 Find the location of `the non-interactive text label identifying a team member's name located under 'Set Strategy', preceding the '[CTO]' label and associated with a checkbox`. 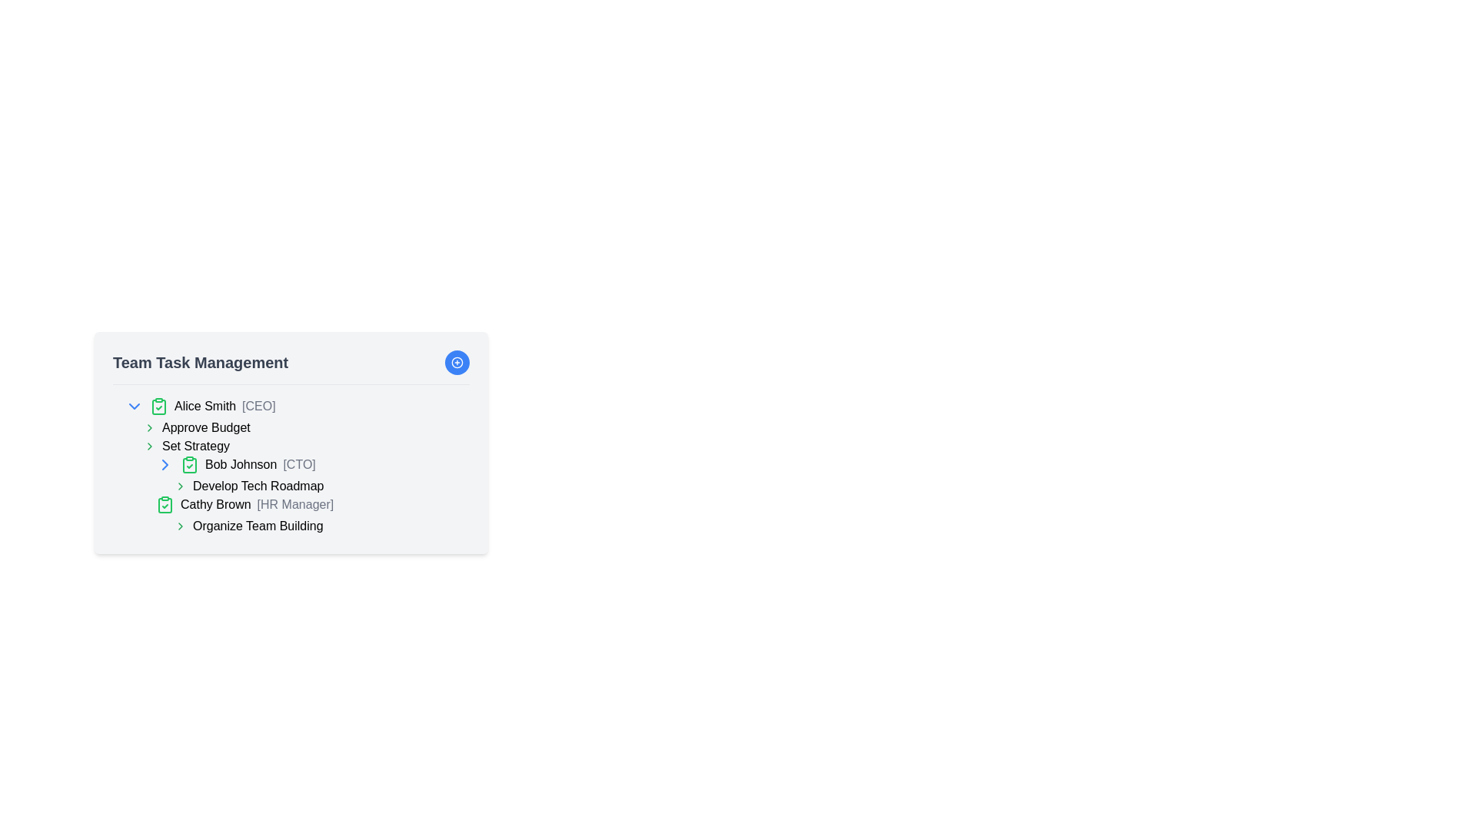

the non-interactive text label identifying a team member's name located under 'Set Strategy', preceding the '[CTO]' label and associated with a checkbox is located at coordinates (240, 463).